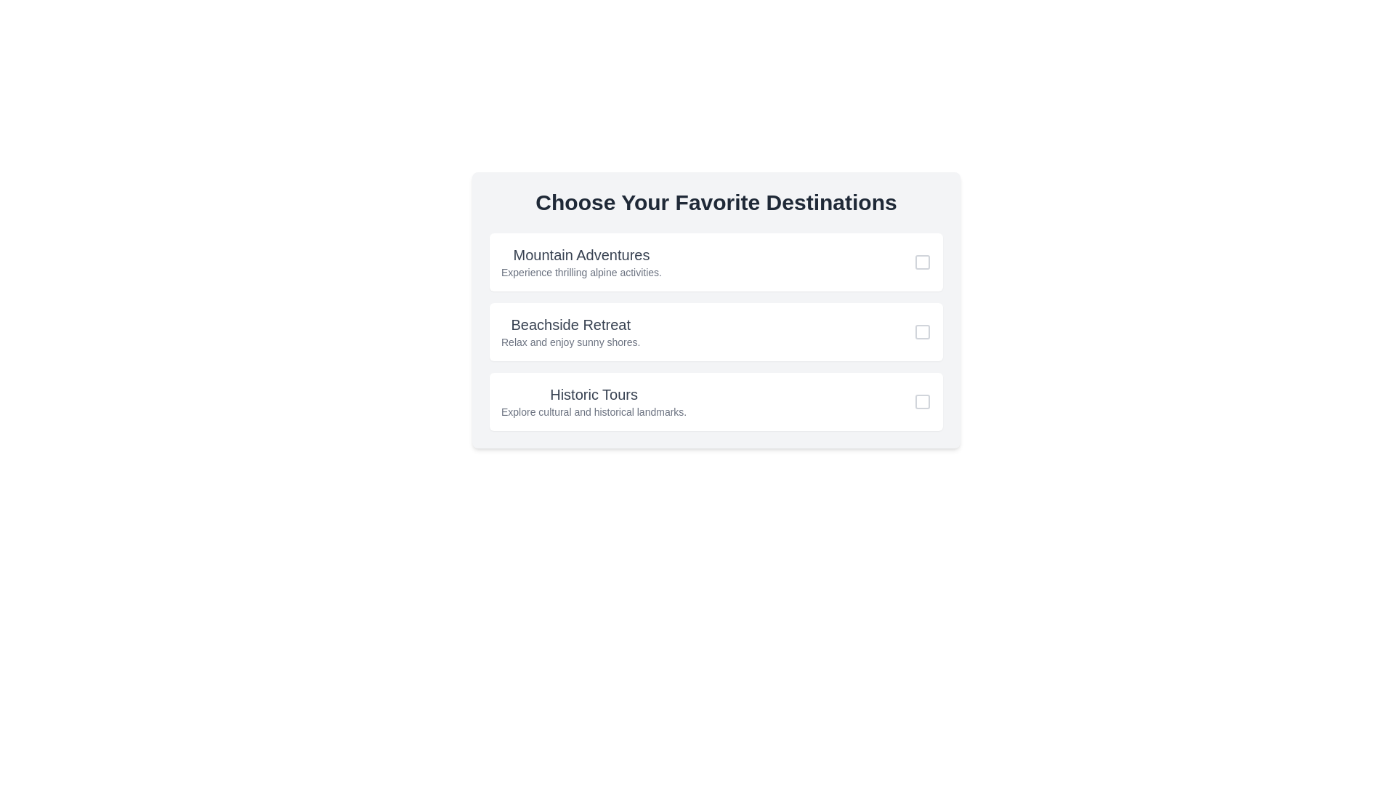 This screenshot has height=785, width=1395. I want to click on the second card in the vertical list of options, which contains a checkbox for selecting a destination choice, to trigger hover effects, so click(716, 331).